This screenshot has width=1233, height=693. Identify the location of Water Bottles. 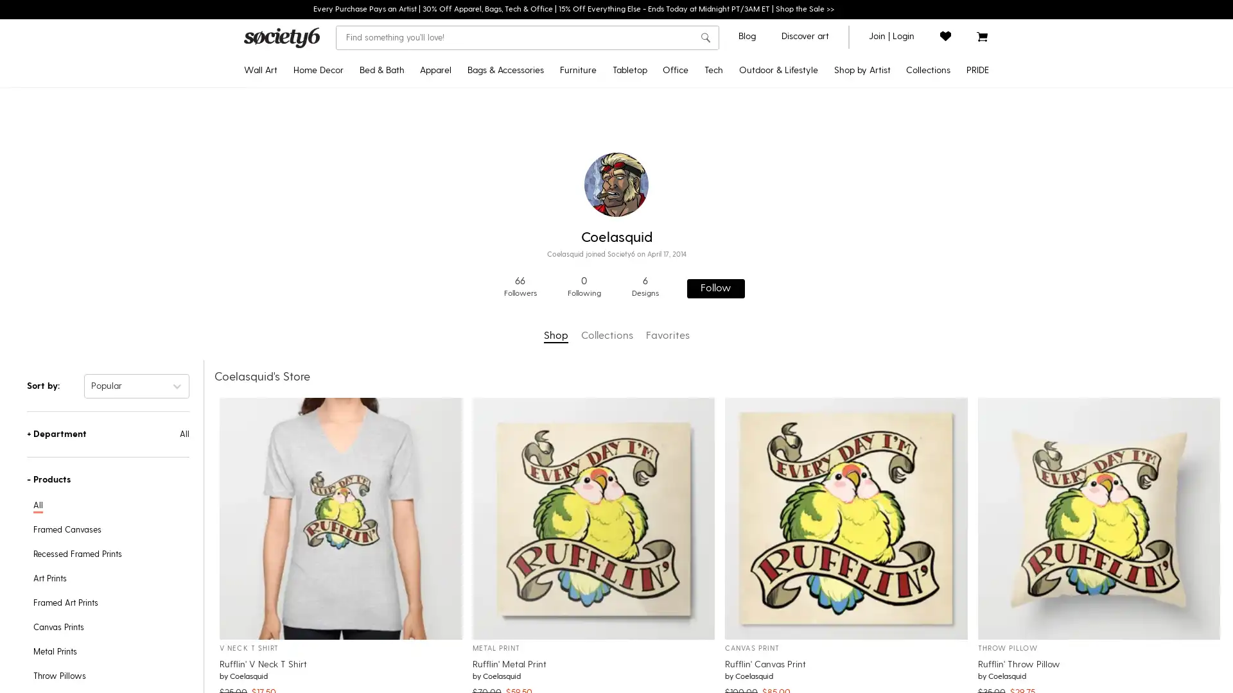
(653, 227).